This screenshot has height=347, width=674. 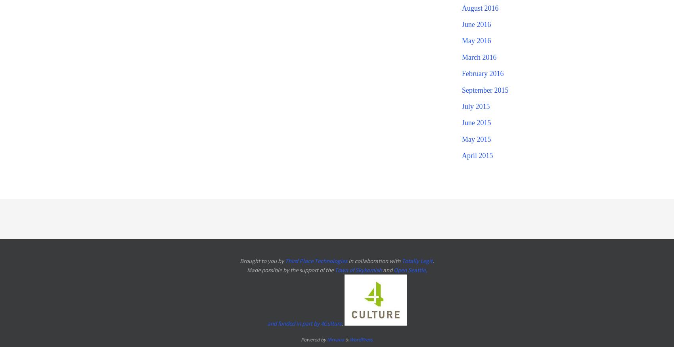 I want to click on 'Powered by', so click(x=313, y=339).